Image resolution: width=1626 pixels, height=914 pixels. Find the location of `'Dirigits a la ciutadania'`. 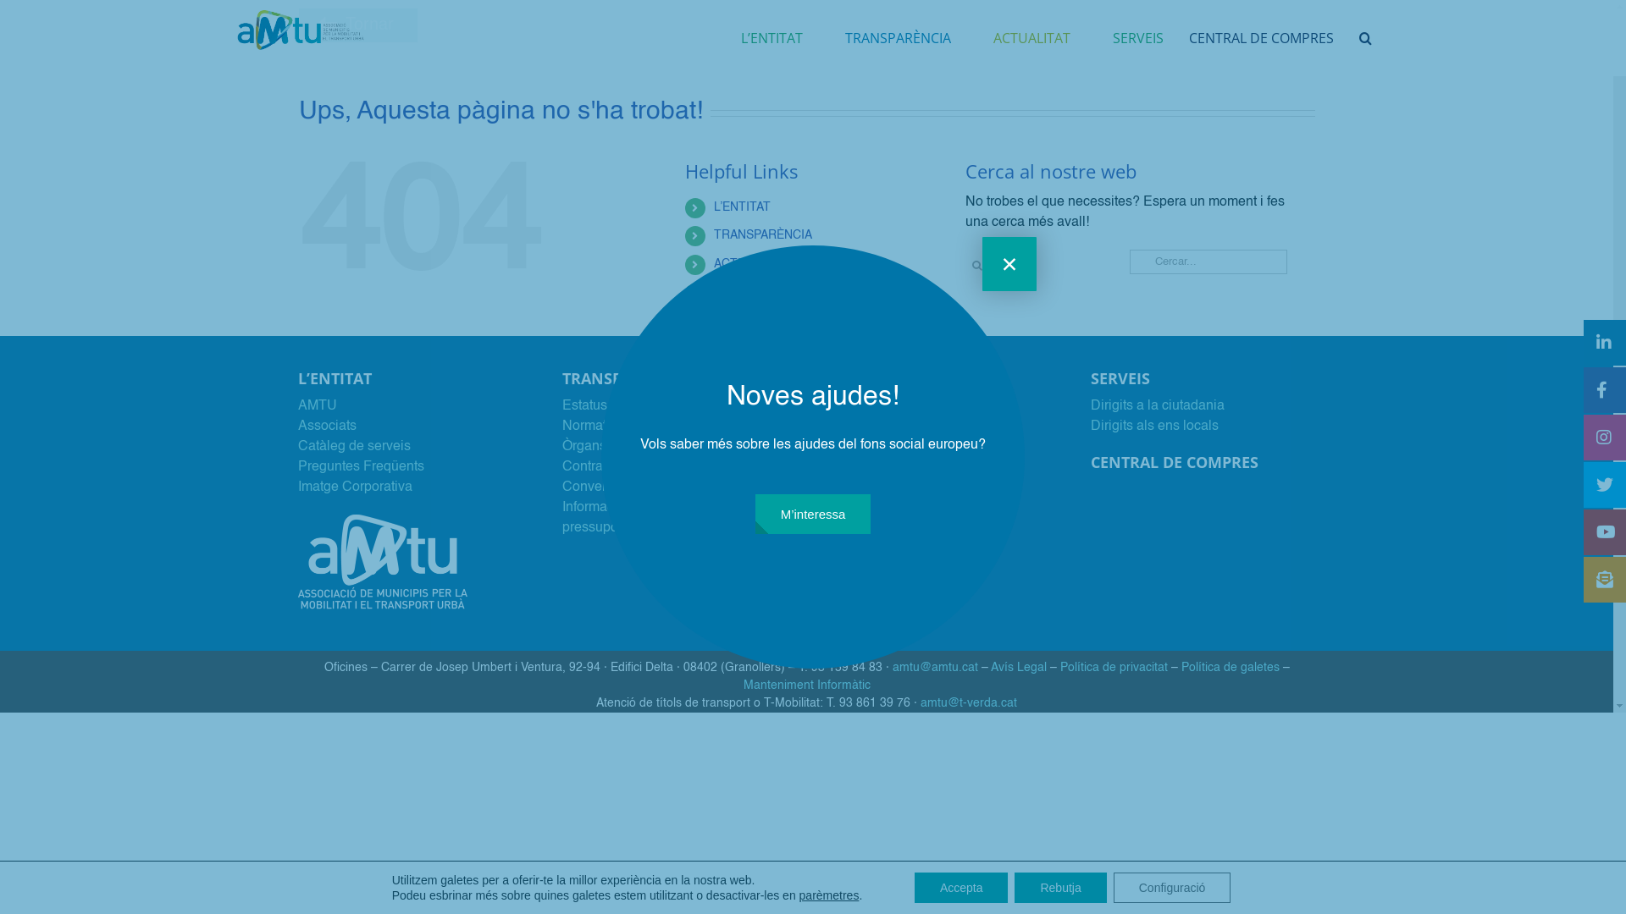

'Dirigits a la ciutadania' is located at coordinates (1157, 405).